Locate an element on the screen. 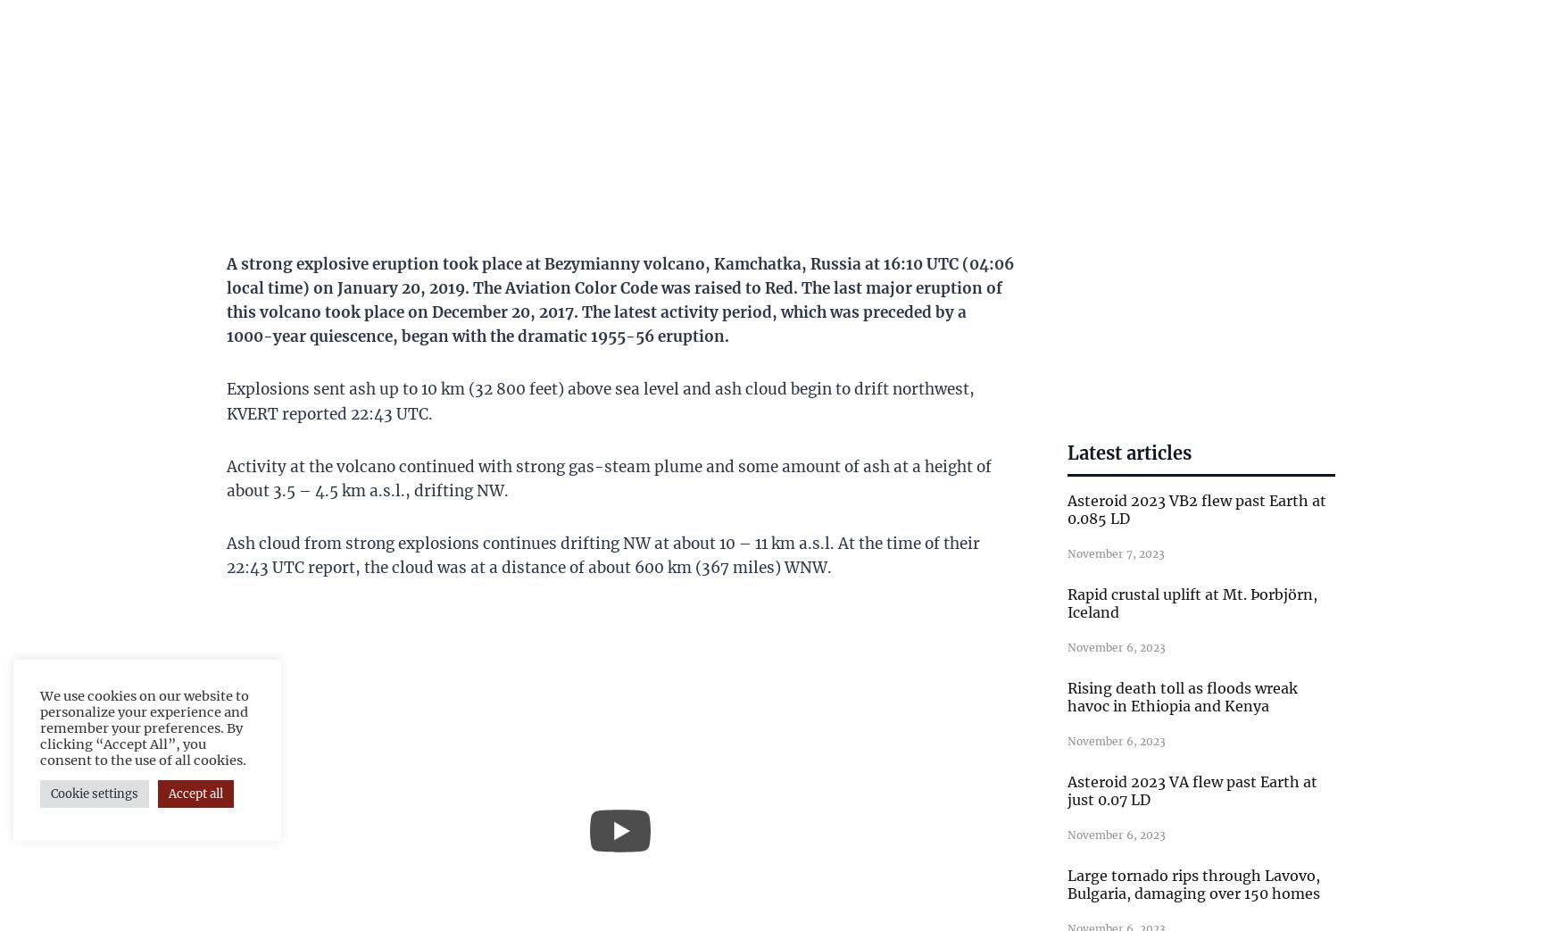  'Large tornado rips through Lavovo, Bulgaria, damaging over 150 homes' is located at coordinates (1193, 884).